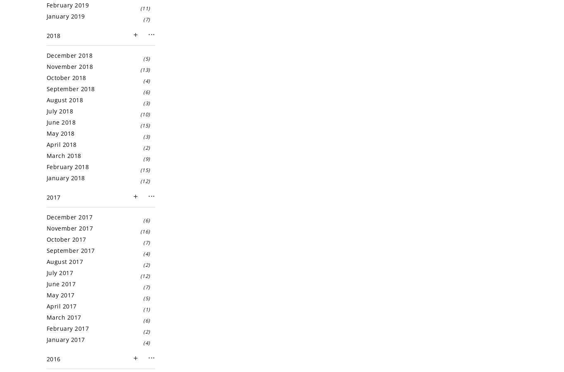  Describe the element at coordinates (46, 339) in the screenshot. I see `'January 2017'` at that location.